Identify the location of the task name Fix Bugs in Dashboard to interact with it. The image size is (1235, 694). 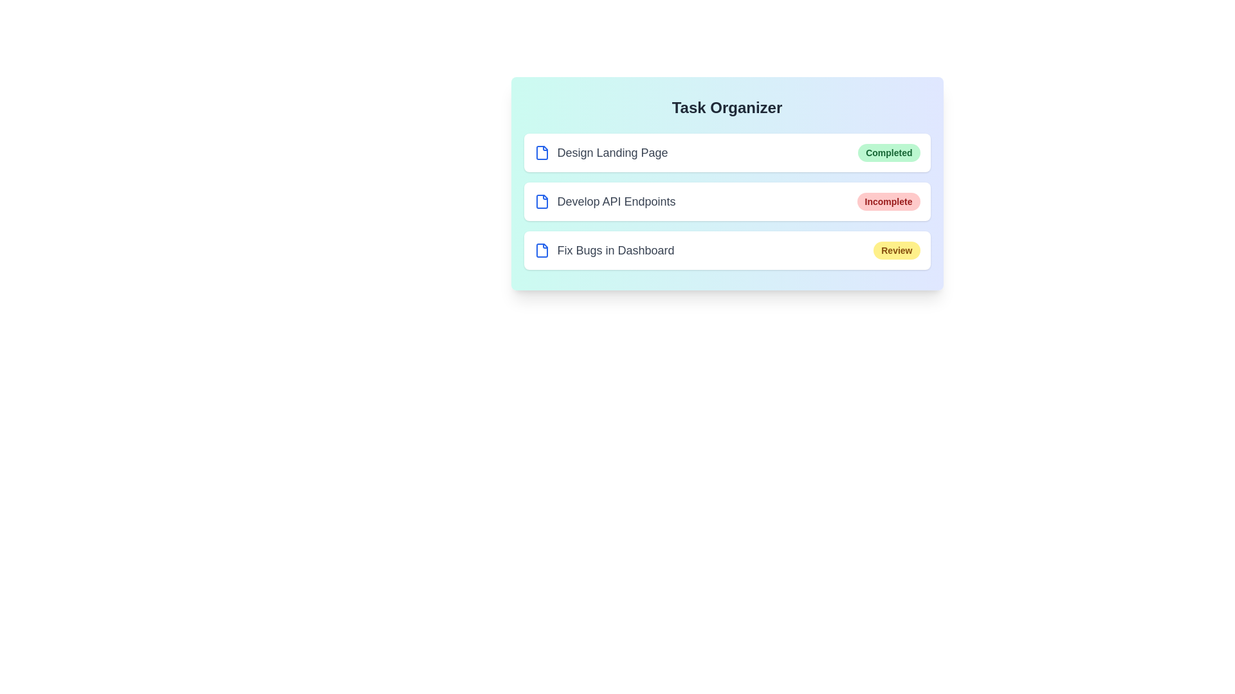
(603, 250).